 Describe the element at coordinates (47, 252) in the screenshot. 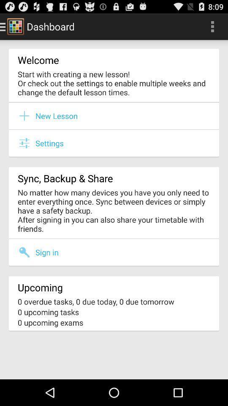

I see `the item above the upcoming item` at that location.